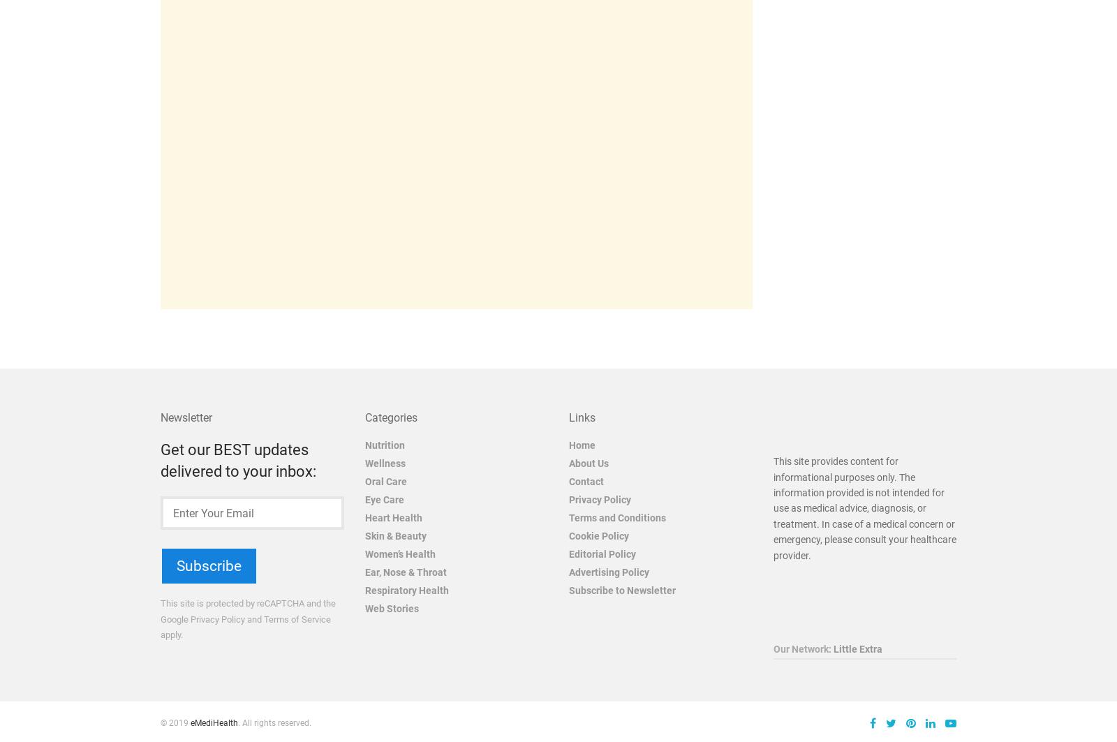  What do you see at coordinates (390, 607) in the screenshot?
I see `'Web Stories'` at bounding box center [390, 607].